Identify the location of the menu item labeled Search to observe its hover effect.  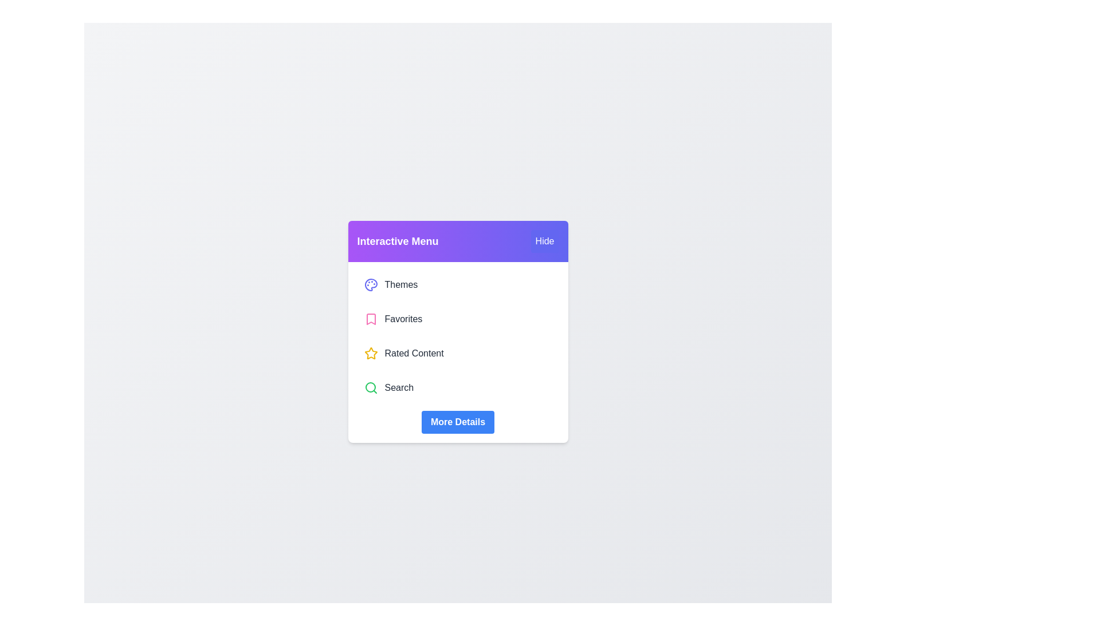
(457, 387).